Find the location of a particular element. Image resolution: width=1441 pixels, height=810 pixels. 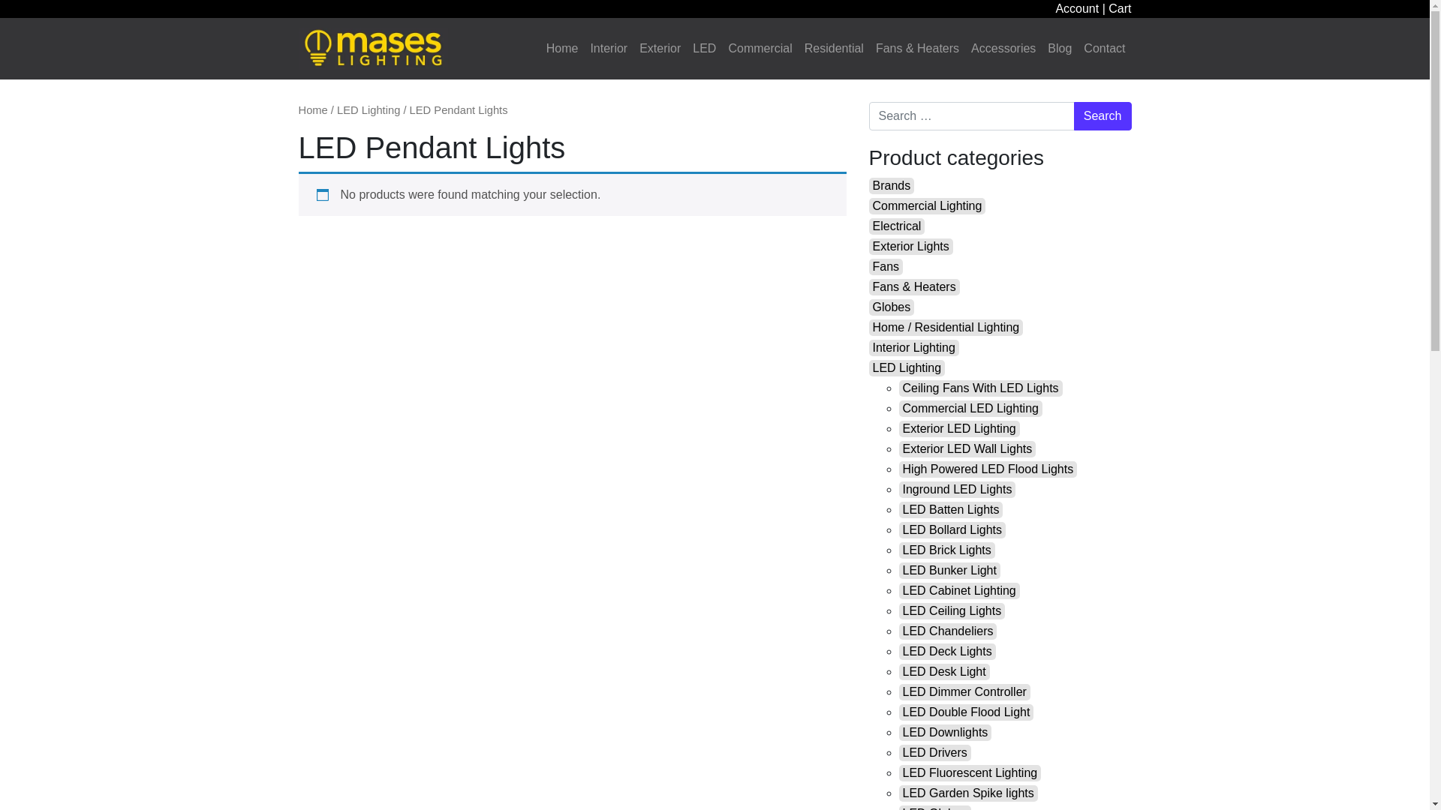

'Commercial LED Lighting' is located at coordinates (970, 408).